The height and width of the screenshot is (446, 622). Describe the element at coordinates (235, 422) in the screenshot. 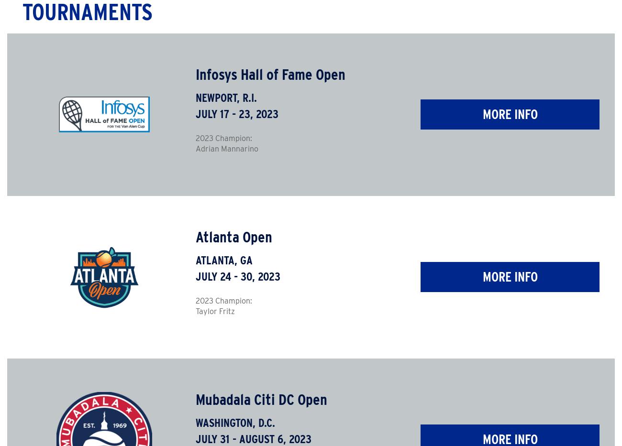

I see `'Washington, D.C.'` at that location.